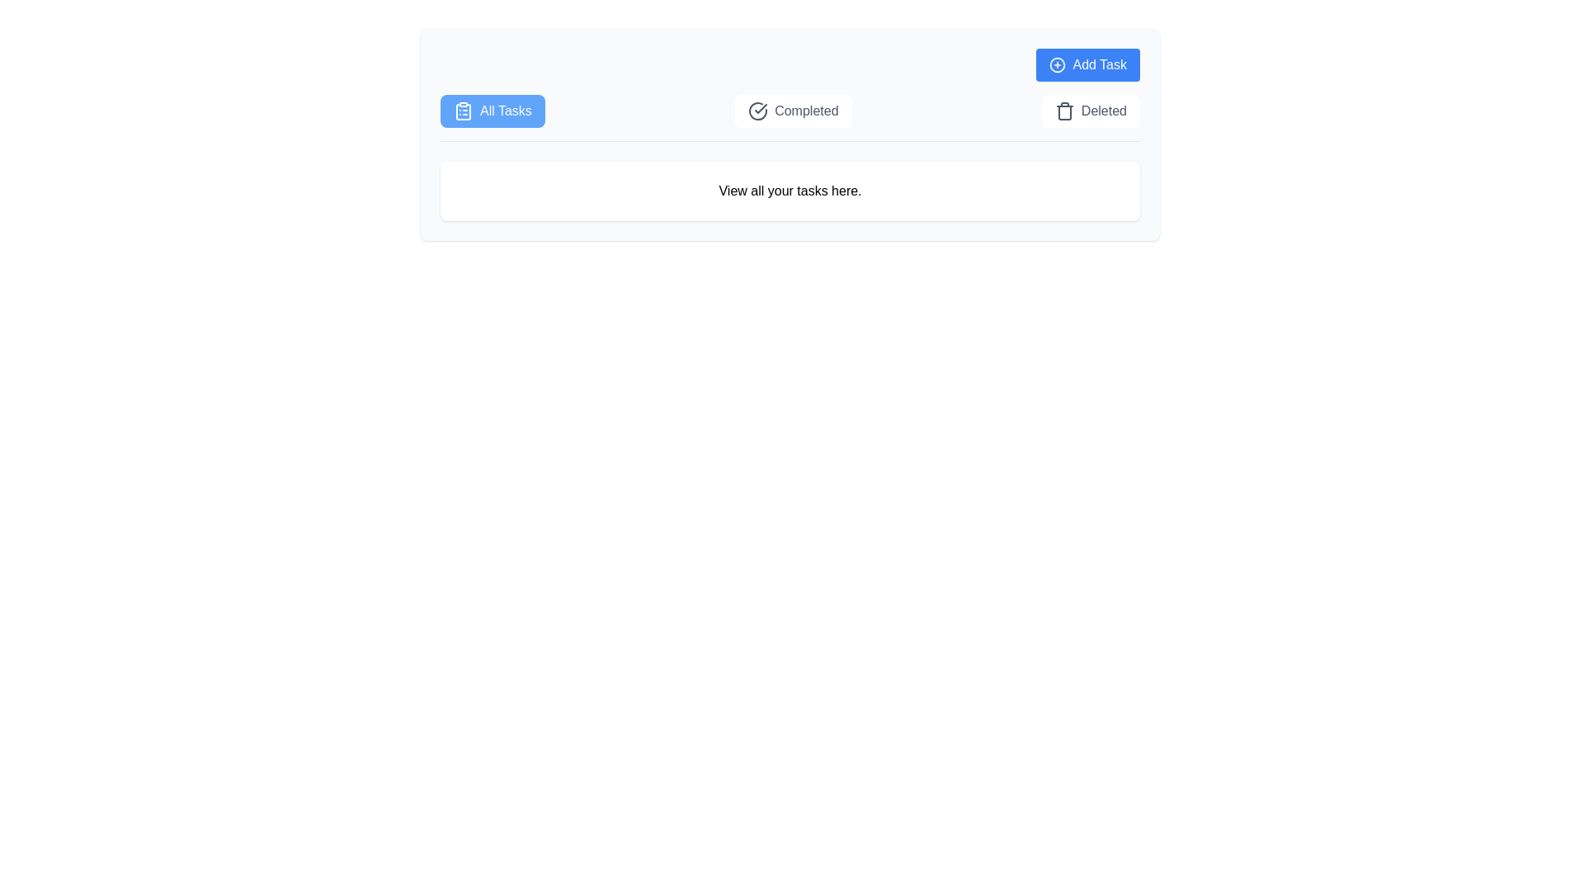 This screenshot has width=1584, height=891. What do you see at coordinates (790, 116) in the screenshot?
I see `the button in the navigation bar that filters tasks to show only those marked as completed` at bounding box center [790, 116].